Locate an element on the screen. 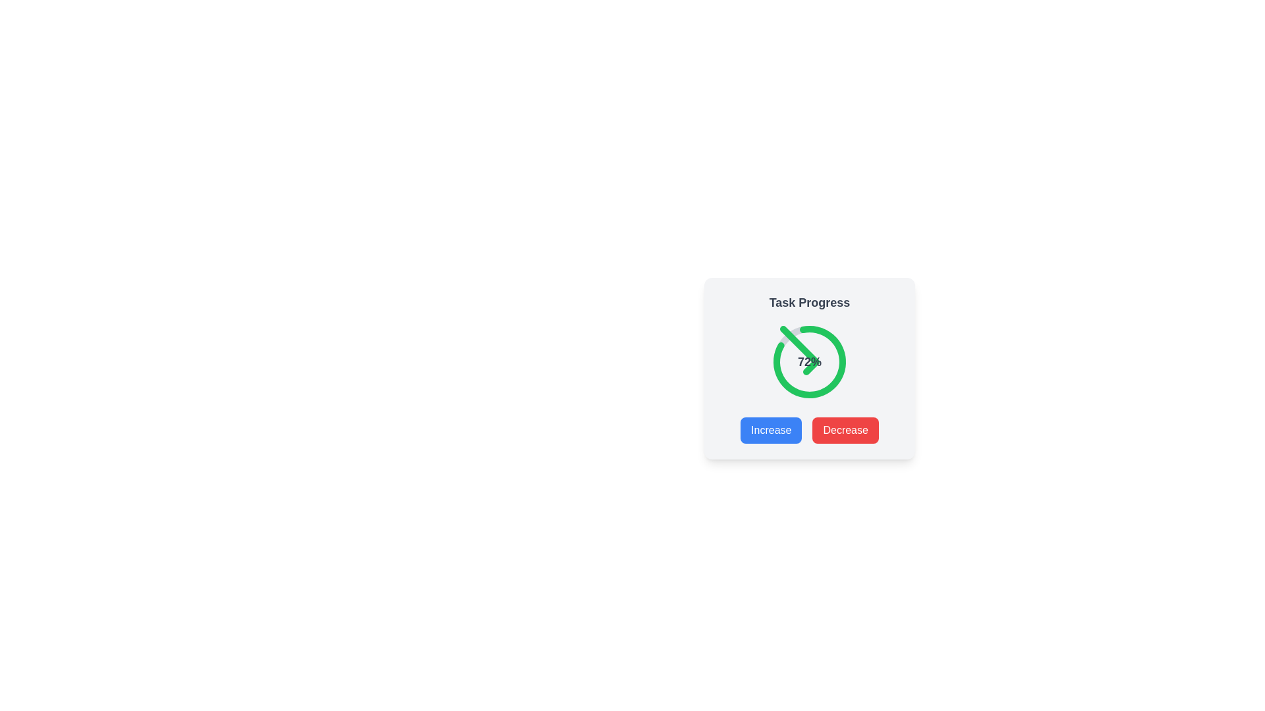 The image size is (1265, 711). the 'Decrease' button, which is a rounded rectangular button with a bright red background and white text, located to the right of the 'Increase' button is located at coordinates (845, 431).